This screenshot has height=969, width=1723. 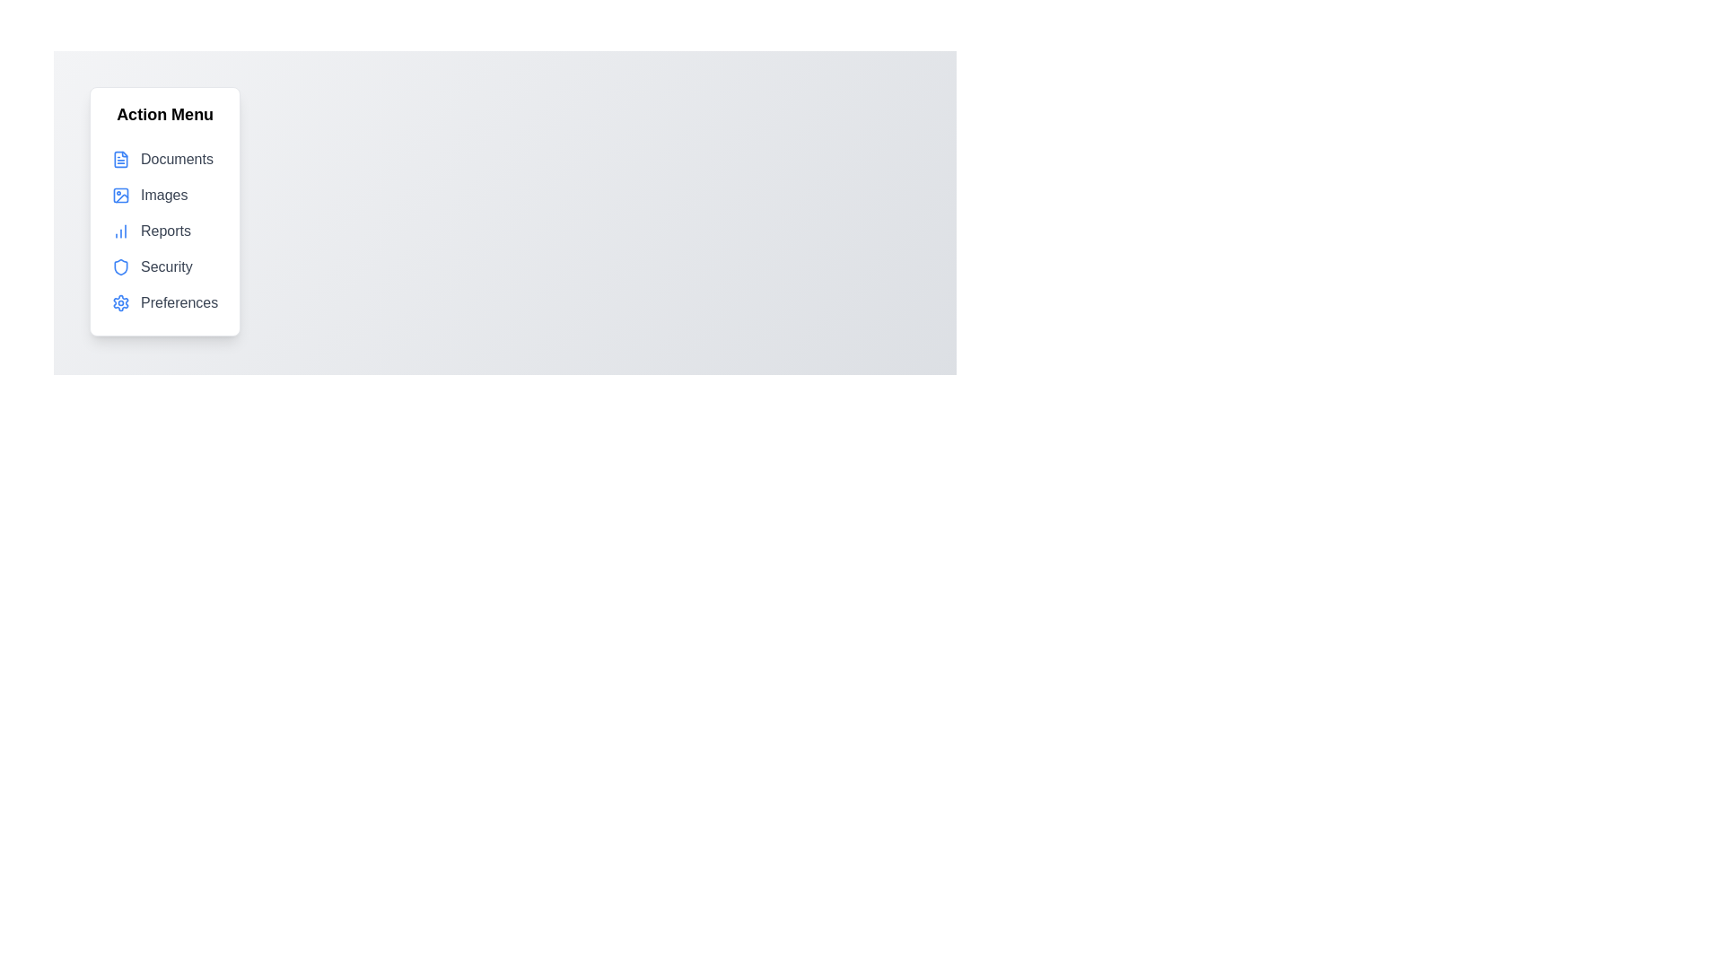 I want to click on the menu item labeled Images, so click(x=164, y=196).